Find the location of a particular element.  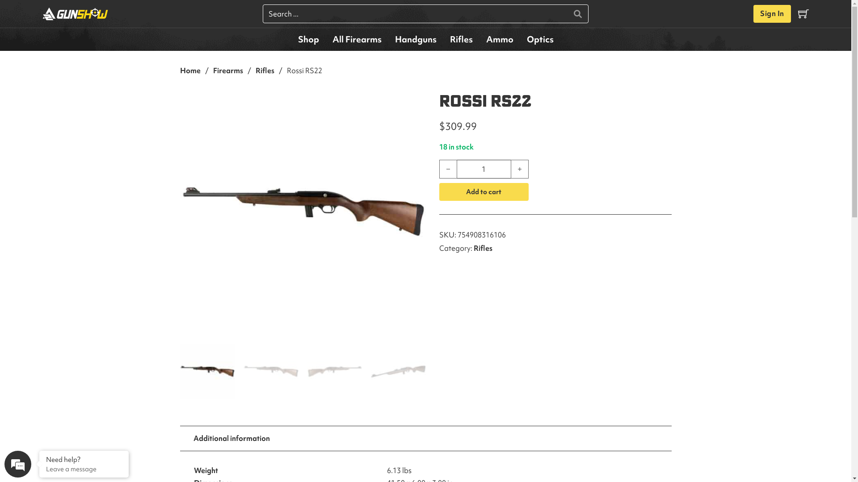

'Additional information' is located at coordinates (231, 438).